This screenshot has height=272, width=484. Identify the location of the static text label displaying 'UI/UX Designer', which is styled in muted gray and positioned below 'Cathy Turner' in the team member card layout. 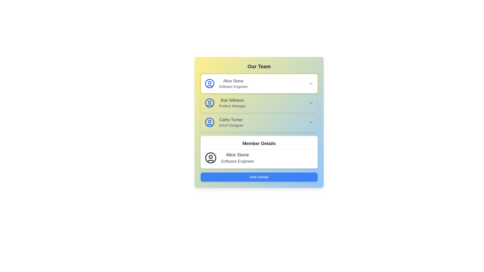
(231, 125).